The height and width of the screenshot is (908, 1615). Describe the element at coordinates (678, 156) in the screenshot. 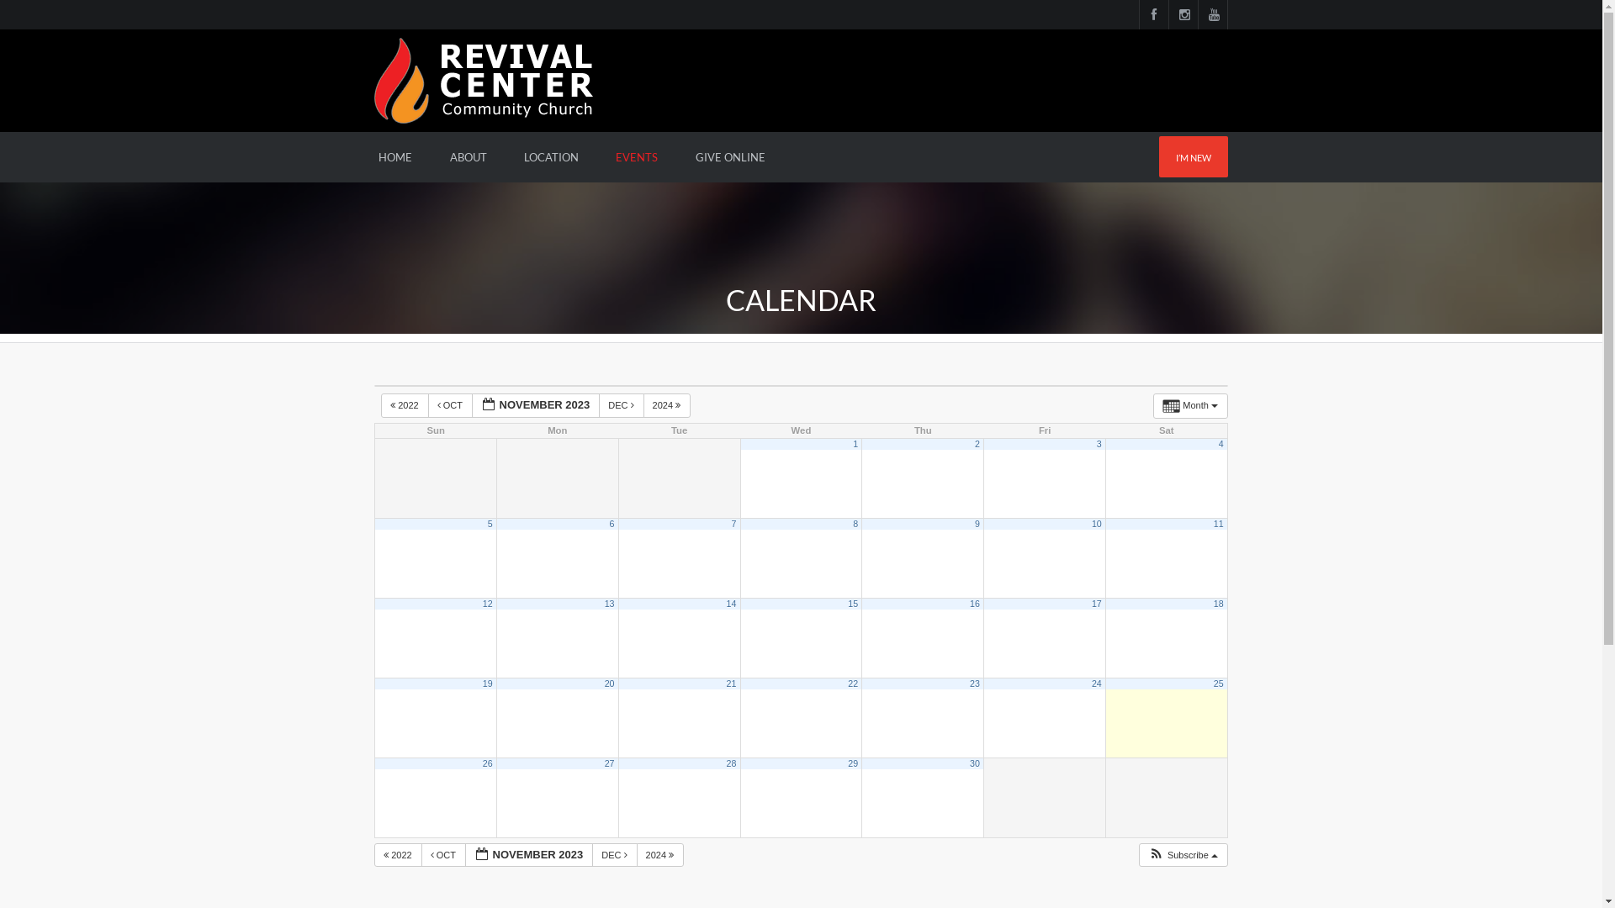

I see `'GIVE ONLINE'` at that location.